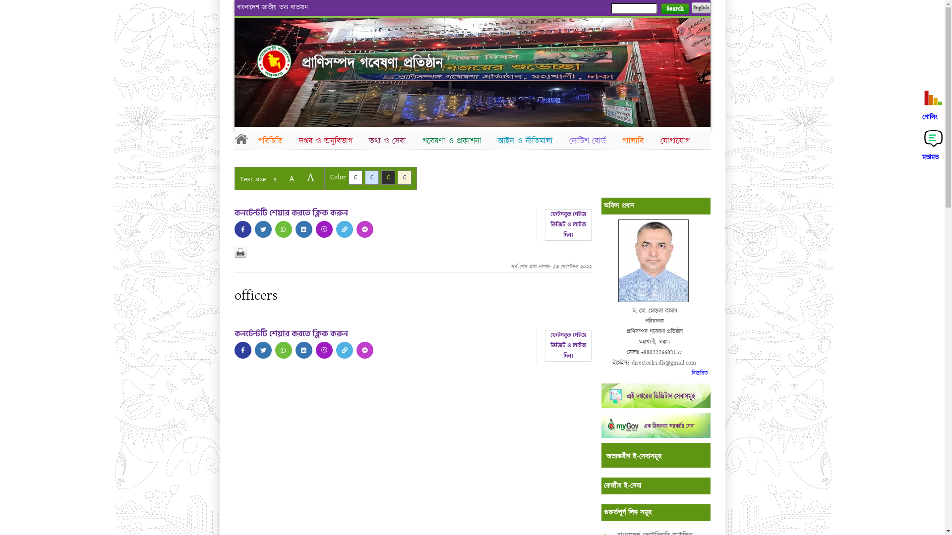 This screenshot has width=952, height=535. Describe the element at coordinates (397, 177) in the screenshot. I see `'C'` at that location.